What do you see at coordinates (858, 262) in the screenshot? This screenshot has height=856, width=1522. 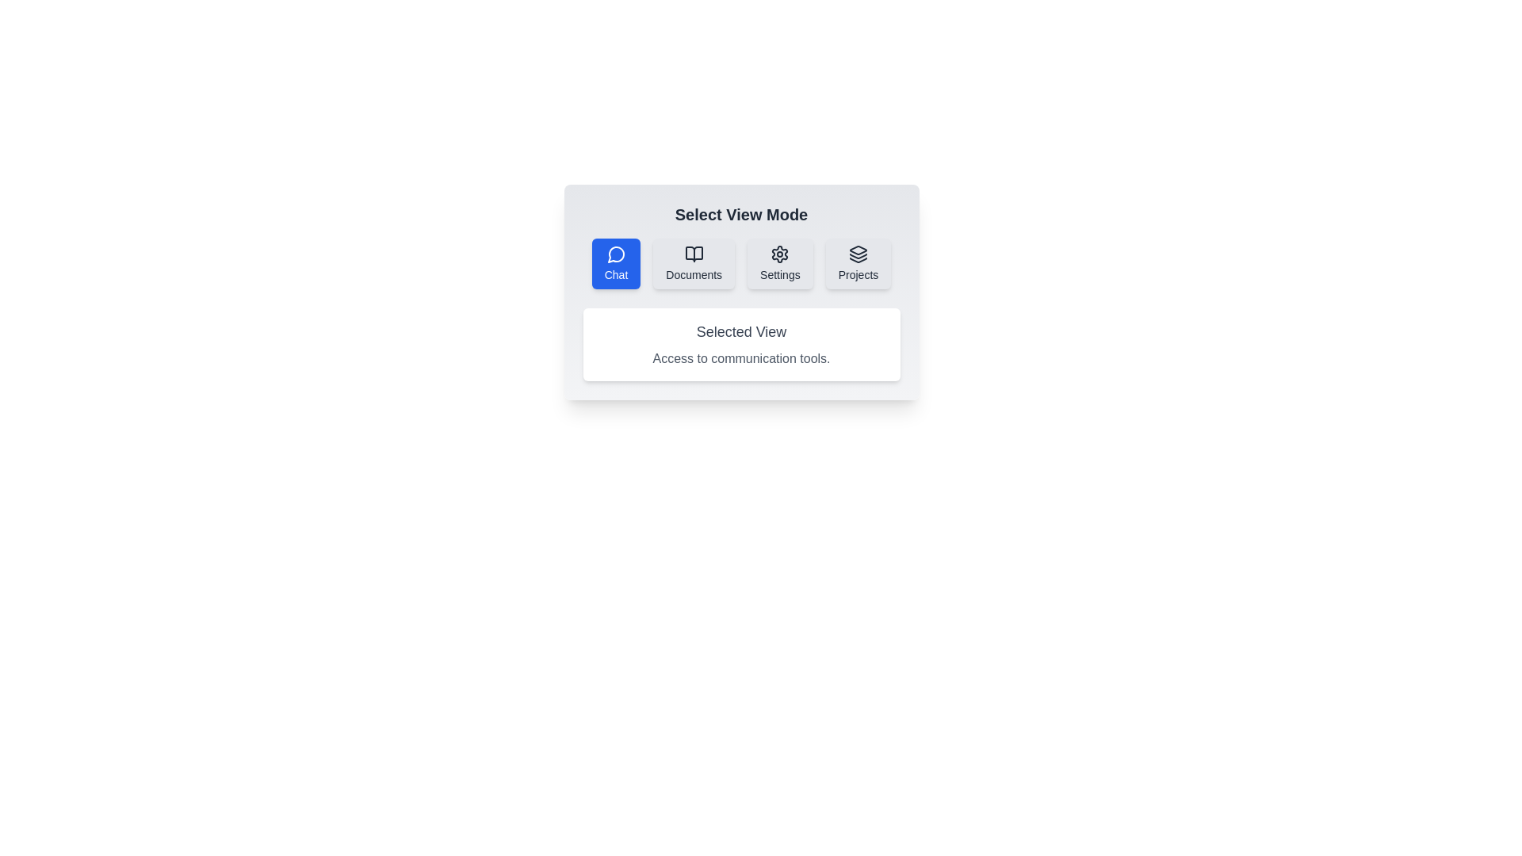 I see `the button labeled 'Projects' to observe its hover effect` at bounding box center [858, 262].